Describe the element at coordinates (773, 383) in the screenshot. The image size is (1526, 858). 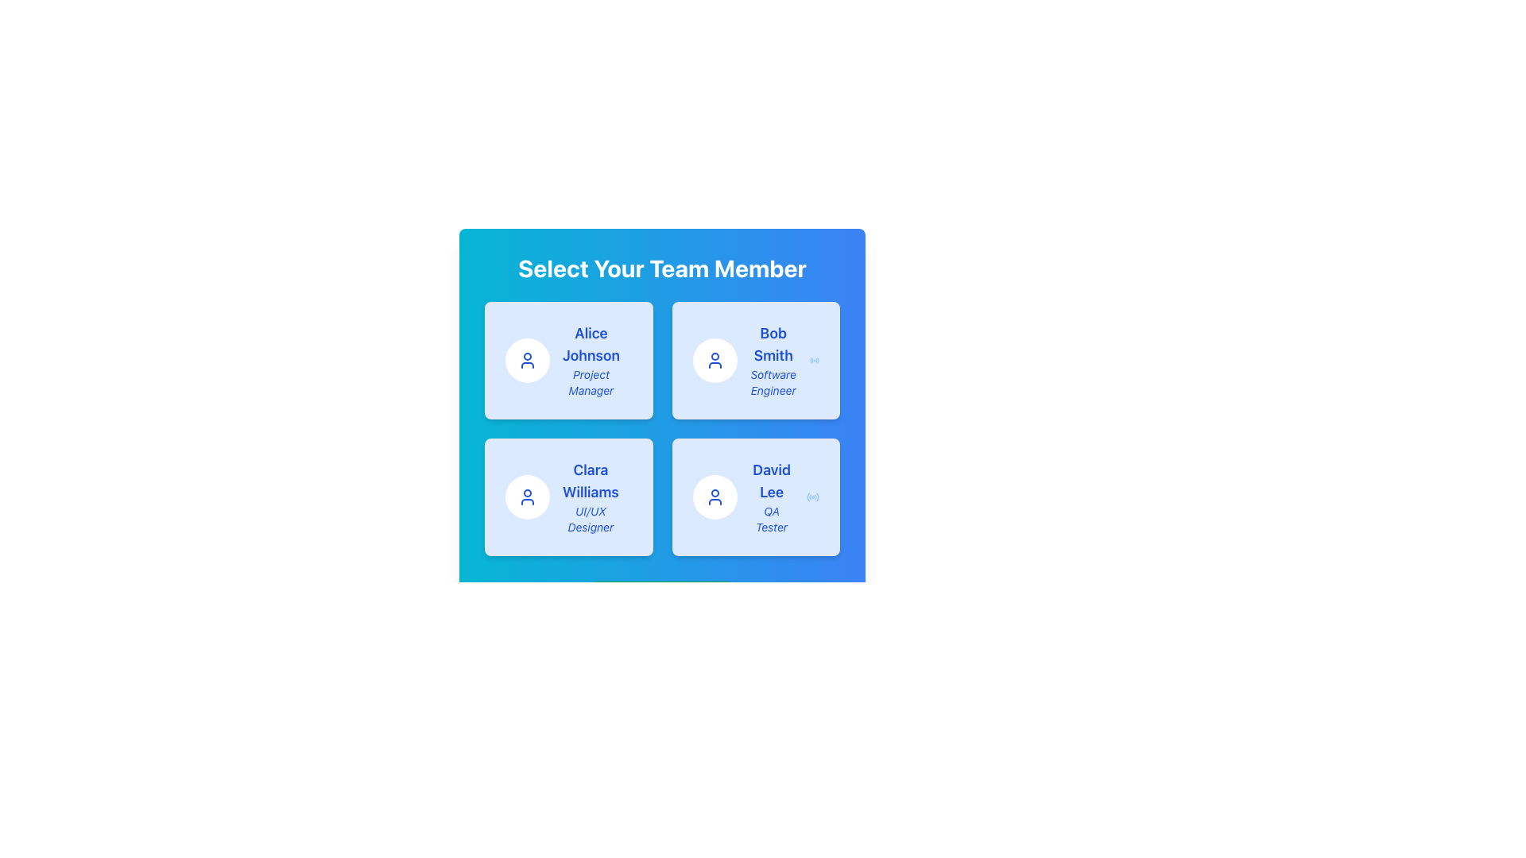
I see `the text label indicating the job title 'Software Engineer' associated with 'Bob Smith', located in the upper-right quadrant of the interface, directly below the name` at that location.